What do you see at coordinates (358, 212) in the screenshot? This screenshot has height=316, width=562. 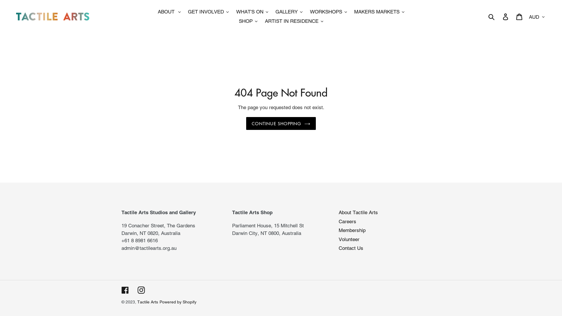 I see `'About Tactile Arts'` at bounding box center [358, 212].